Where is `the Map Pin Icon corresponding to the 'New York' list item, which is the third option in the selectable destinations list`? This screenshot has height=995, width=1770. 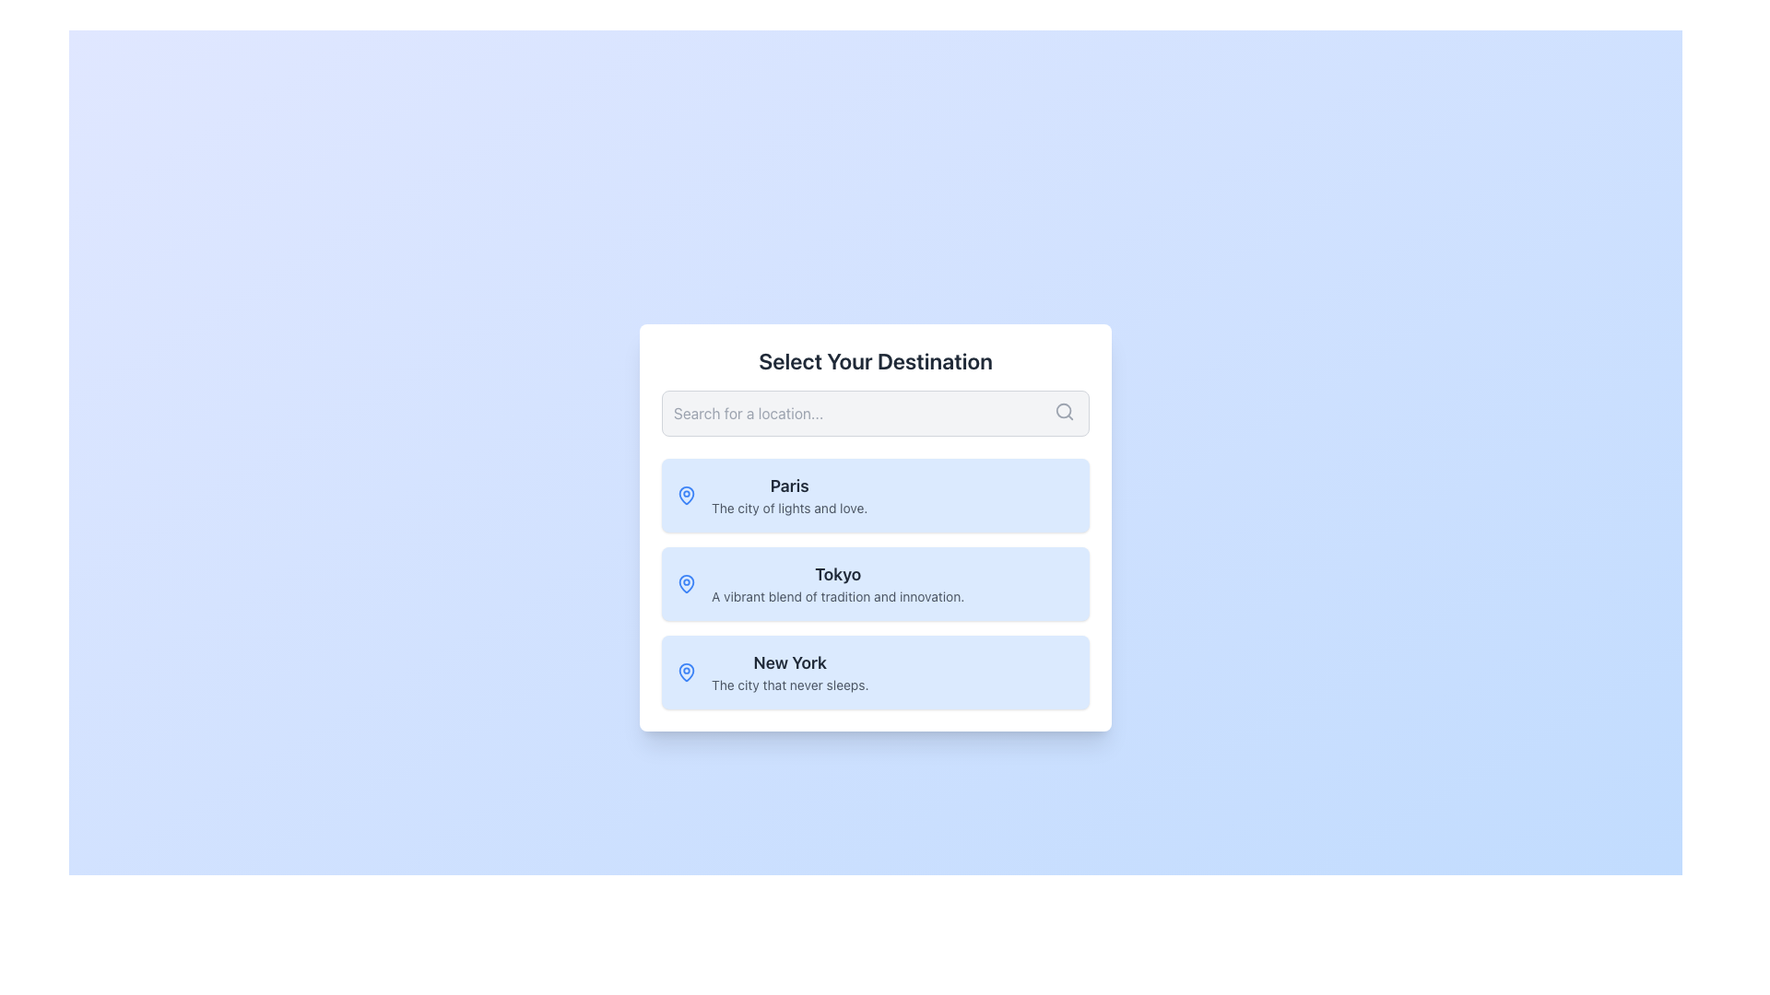 the Map Pin Icon corresponding to the 'New York' list item, which is the third option in the selectable destinations list is located at coordinates (685, 672).